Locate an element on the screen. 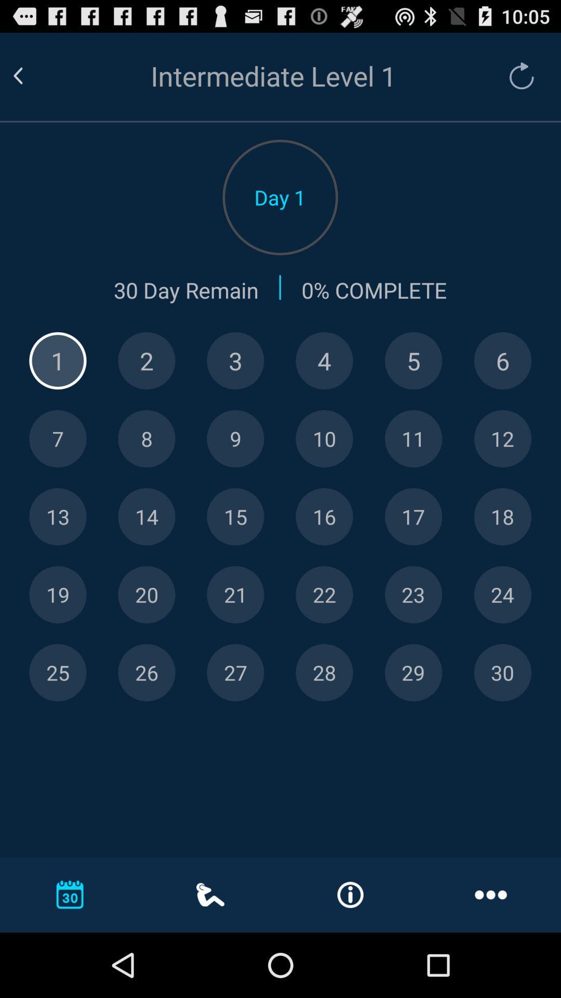  number twenty is located at coordinates (146, 595).